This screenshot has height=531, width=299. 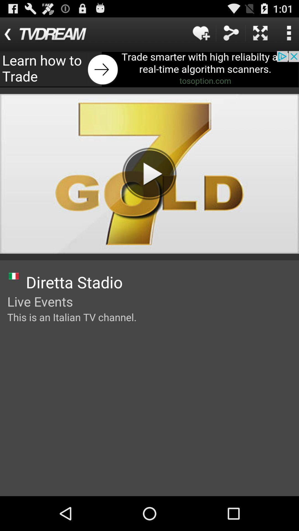 I want to click on the text which is at the top left corner of the page, so click(x=51, y=34).